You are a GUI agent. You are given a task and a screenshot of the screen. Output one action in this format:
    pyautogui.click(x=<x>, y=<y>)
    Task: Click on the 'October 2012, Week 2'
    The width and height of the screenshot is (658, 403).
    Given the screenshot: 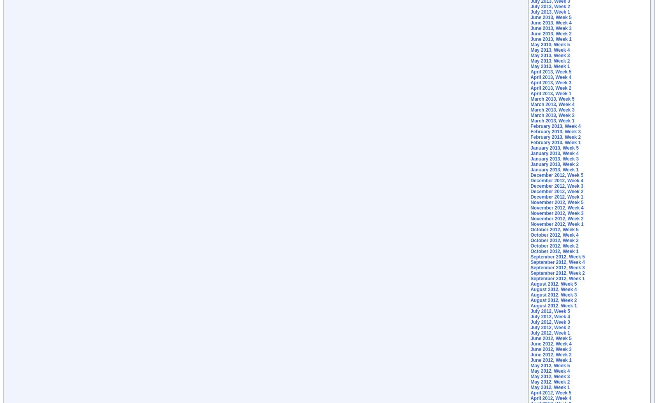 What is the action you would take?
    pyautogui.click(x=554, y=246)
    